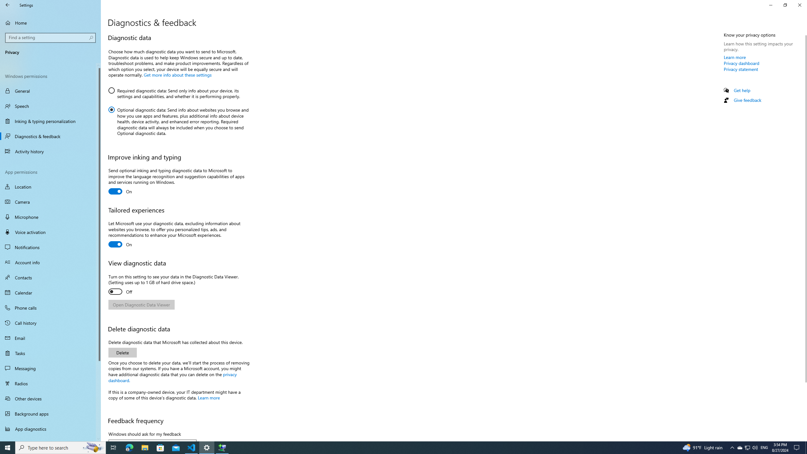  I want to click on 'Visual Studio Code - 1 running window', so click(191, 447).